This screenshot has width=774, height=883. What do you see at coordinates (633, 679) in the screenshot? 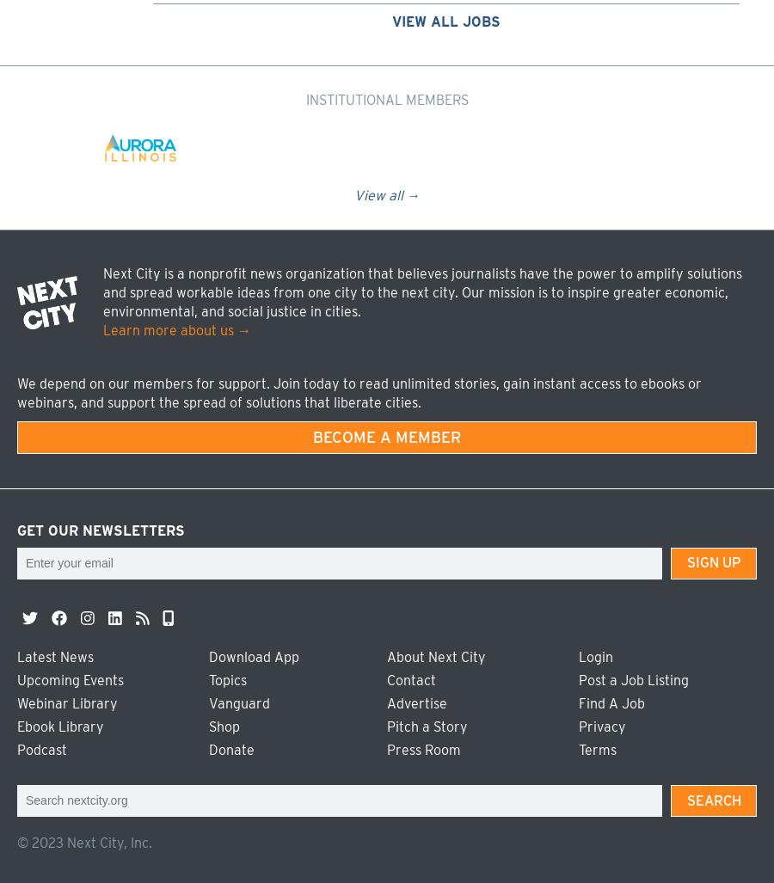
I see `'Post a Job Listing'` at bounding box center [633, 679].